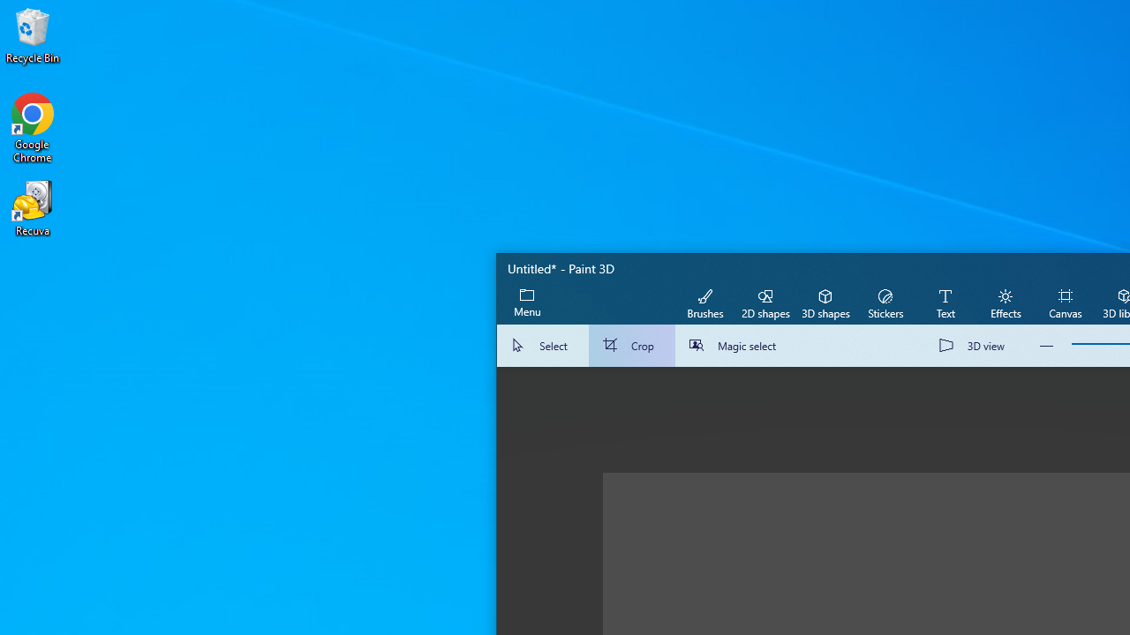  Describe the element at coordinates (526, 302) in the screenshot. I see `'Expand menu'` at that location.